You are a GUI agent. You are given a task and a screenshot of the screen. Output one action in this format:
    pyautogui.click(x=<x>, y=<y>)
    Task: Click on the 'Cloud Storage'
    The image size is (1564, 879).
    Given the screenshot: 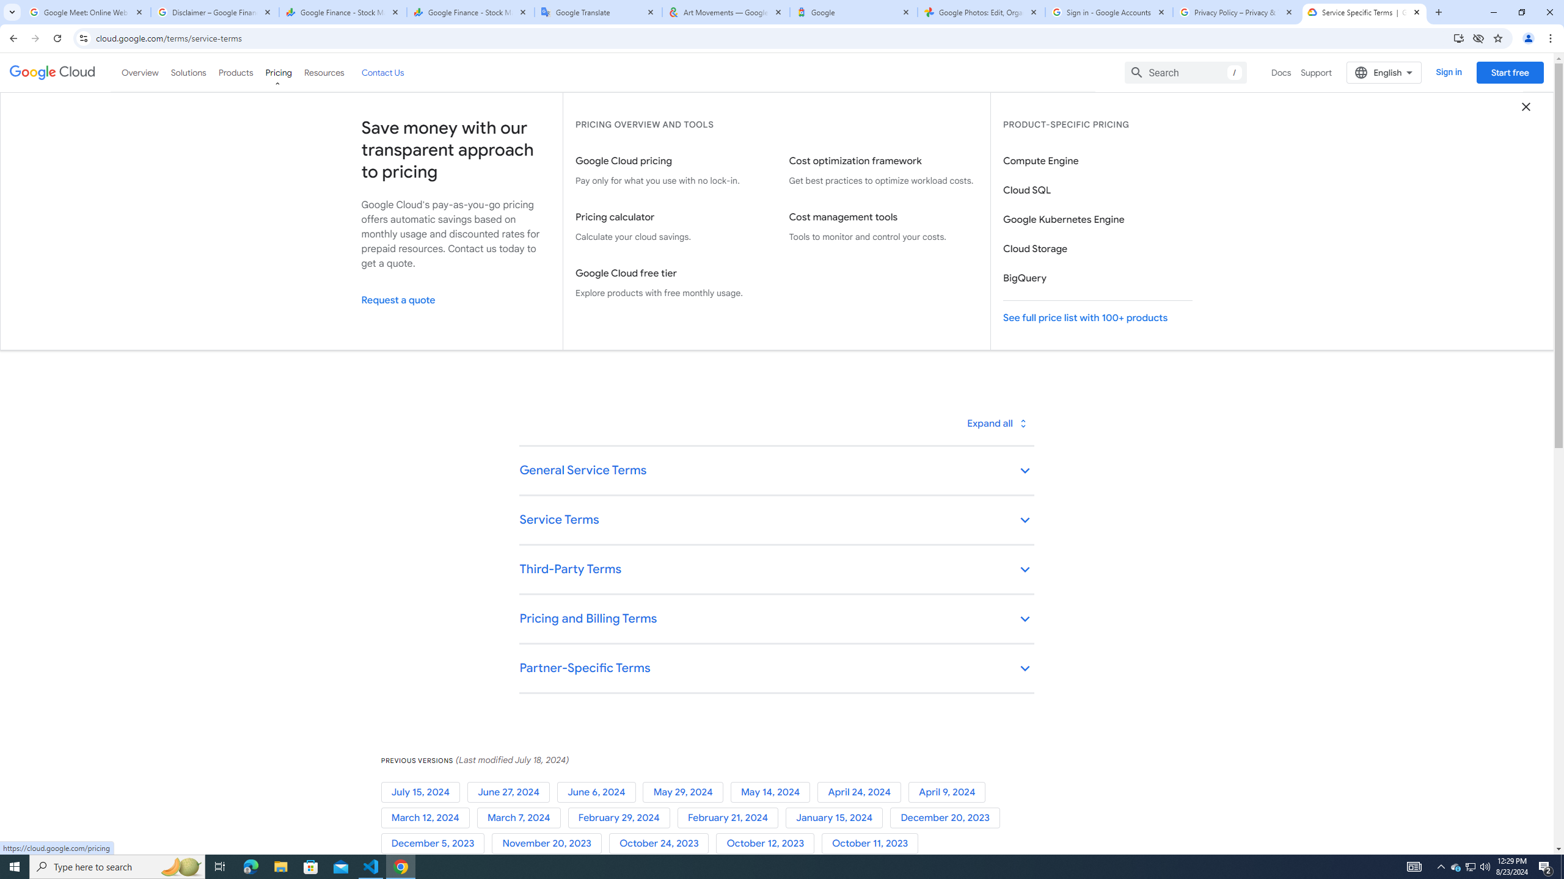 What is the action you would take?
    pyautogui.click(x=1096, y=248)
    